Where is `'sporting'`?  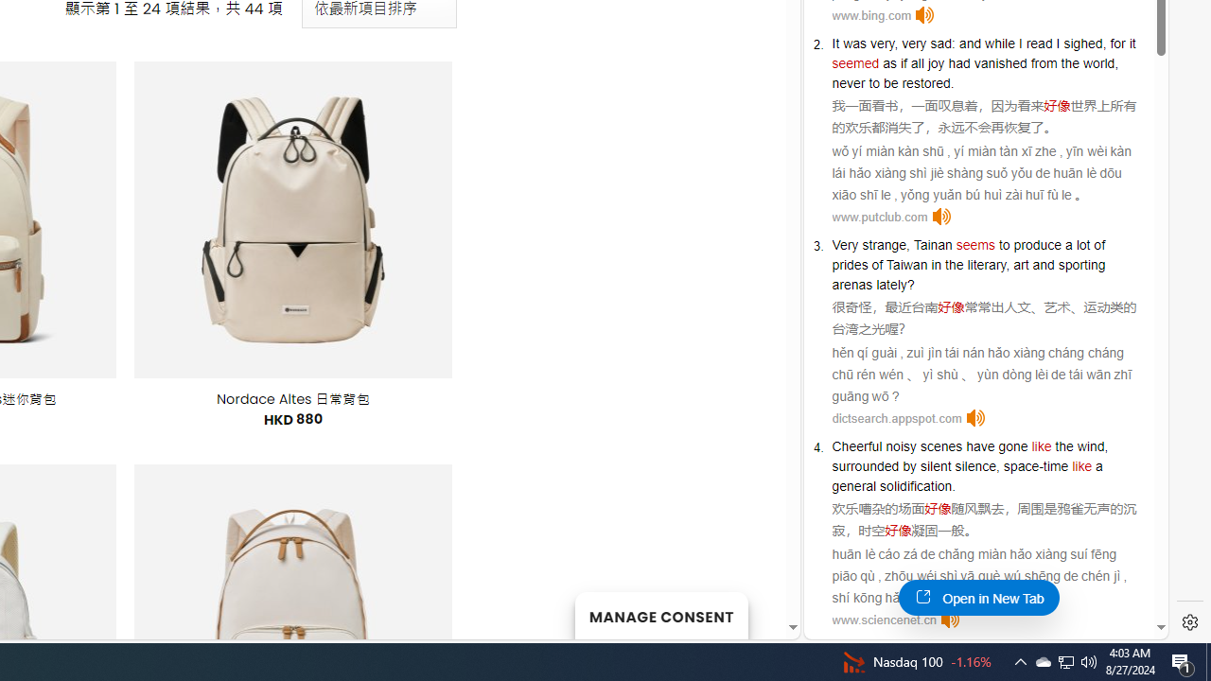 'sporting' is located at coordinates (1081, 265).